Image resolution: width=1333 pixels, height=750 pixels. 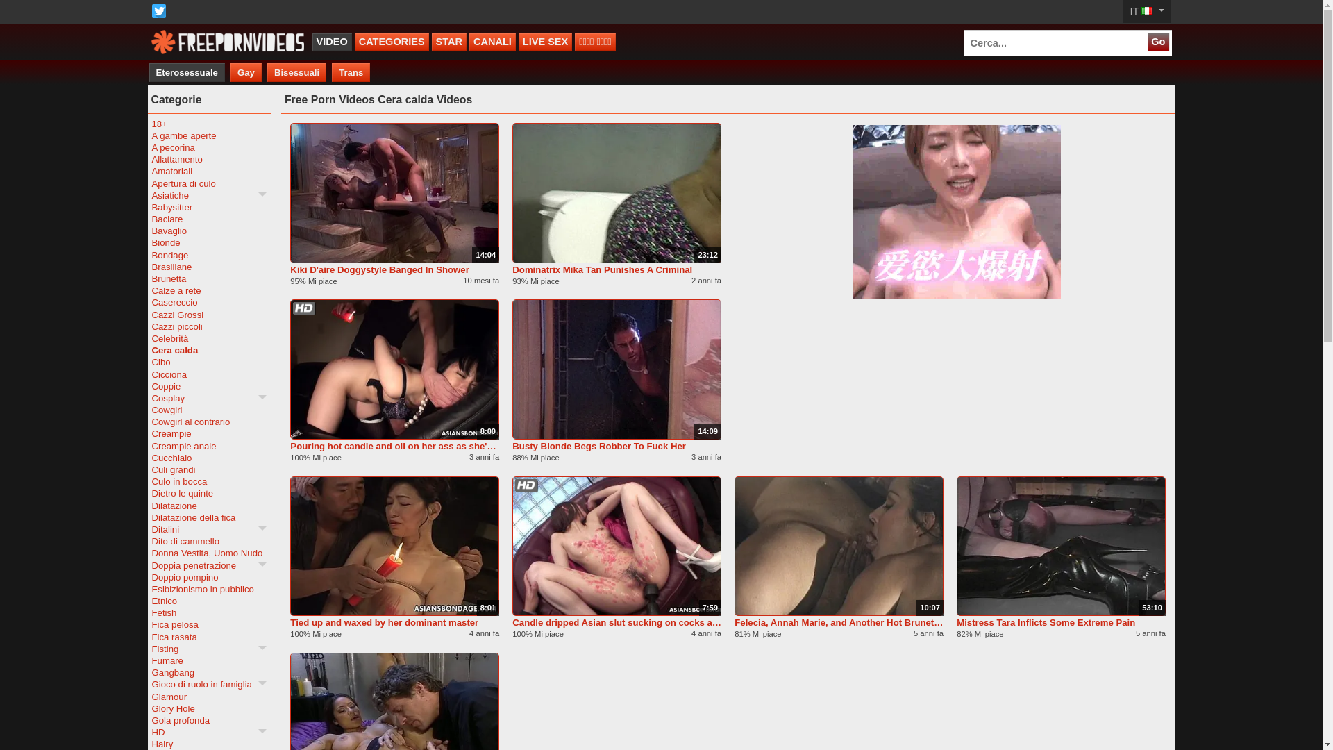 I want to click on 'Cazzi Grossi', so click(x=208, y=315).